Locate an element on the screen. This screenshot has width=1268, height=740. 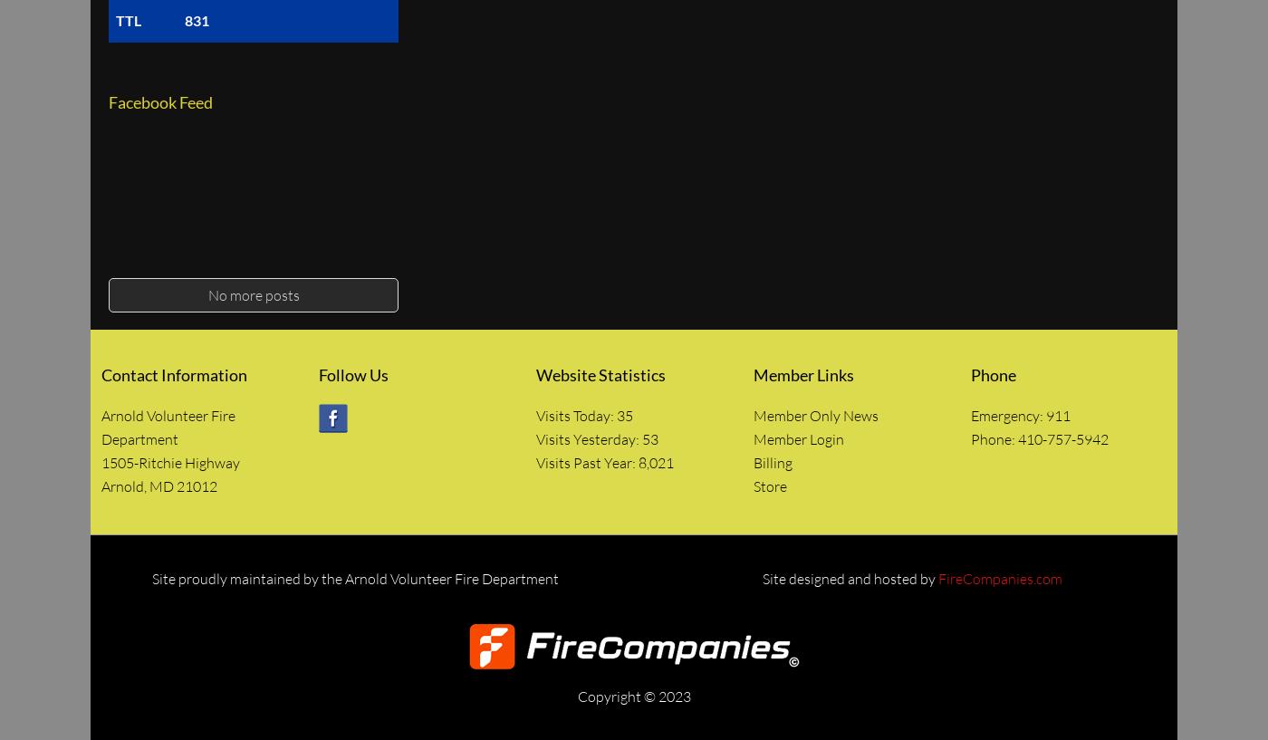
'Member Links' is located at coordinates (754, 374).